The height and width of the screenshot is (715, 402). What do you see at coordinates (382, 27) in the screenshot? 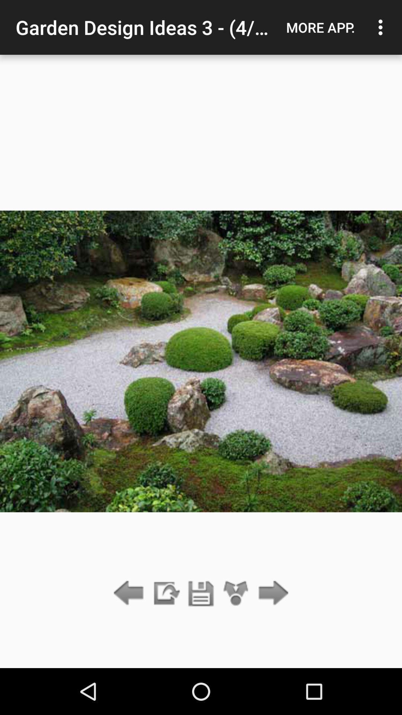
I see `the item to the right of the more app. icon` at bounding box center [382, 27].